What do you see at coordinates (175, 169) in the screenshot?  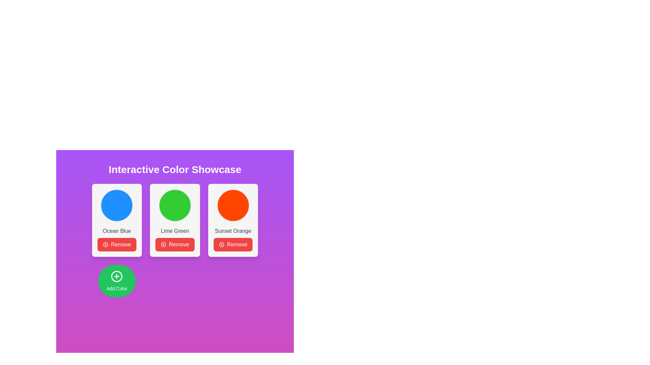 I see `the text header that reads 'Interactive Color Showcase', which is displayed in a bold, large font and is centrally aligned above a grid of colored cards` at bounding box center [175, 169].